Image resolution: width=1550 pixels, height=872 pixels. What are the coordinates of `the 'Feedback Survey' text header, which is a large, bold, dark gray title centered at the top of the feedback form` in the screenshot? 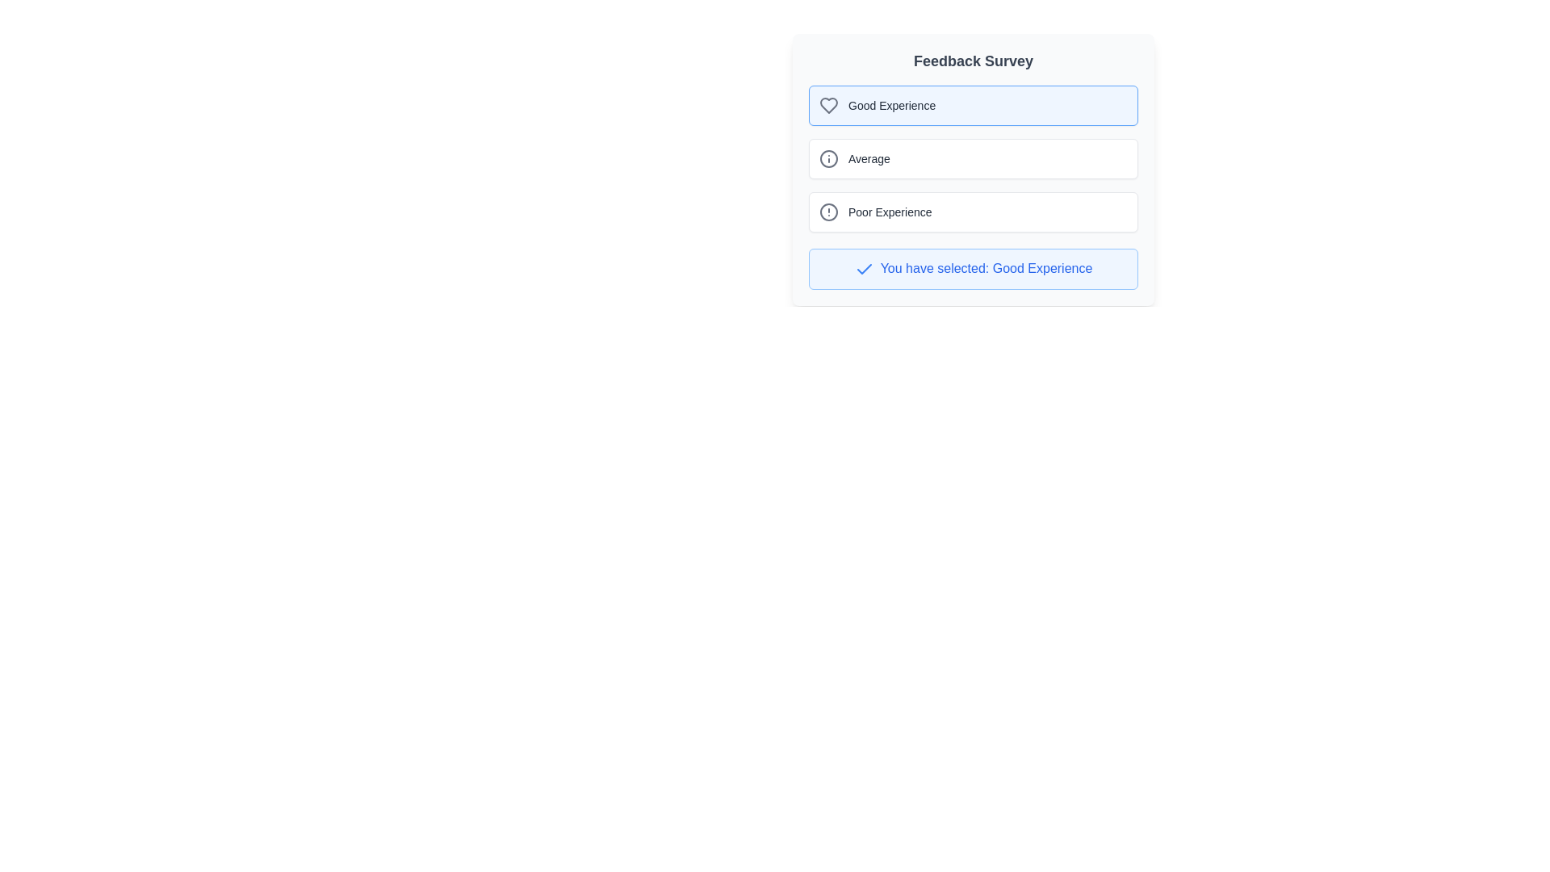 It's located at (972, 61).